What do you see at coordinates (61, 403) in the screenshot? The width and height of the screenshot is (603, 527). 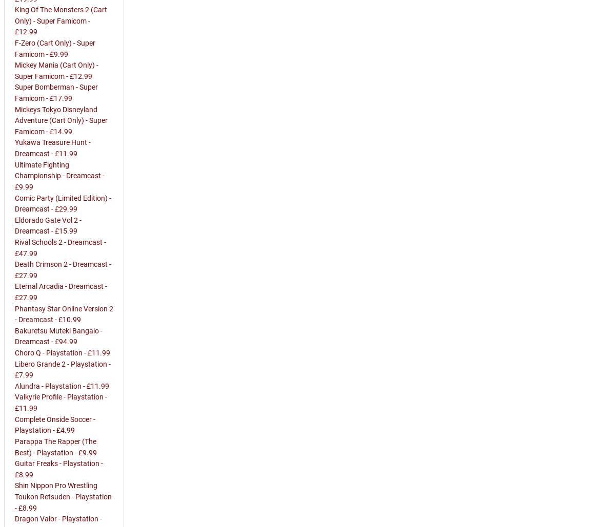 I see `'Valkyrie Profile - Playstation - £11.99'` at bounding box center [61, 403].